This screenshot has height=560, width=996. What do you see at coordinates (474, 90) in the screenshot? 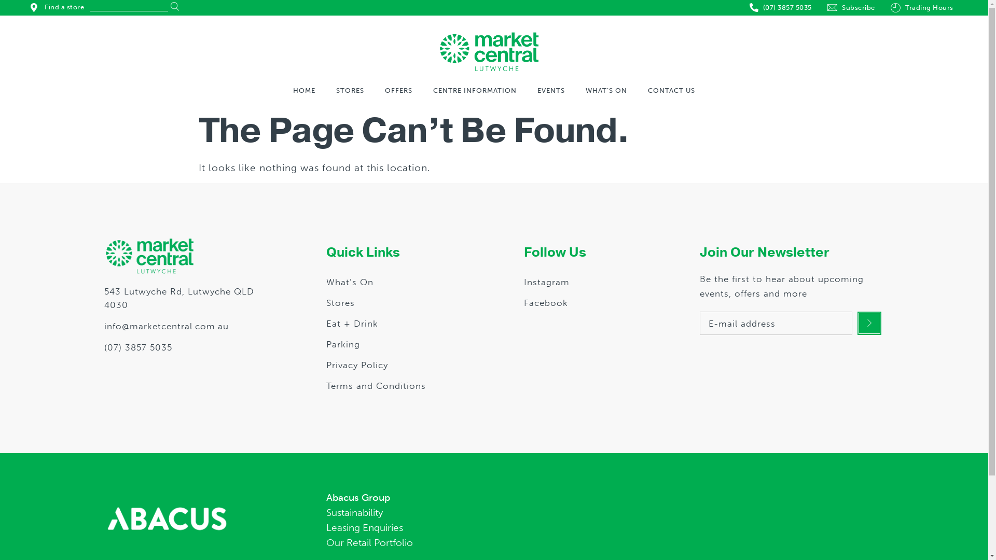
I see `'CENTRE INFORMATION'` at bounding box center [474, 90].